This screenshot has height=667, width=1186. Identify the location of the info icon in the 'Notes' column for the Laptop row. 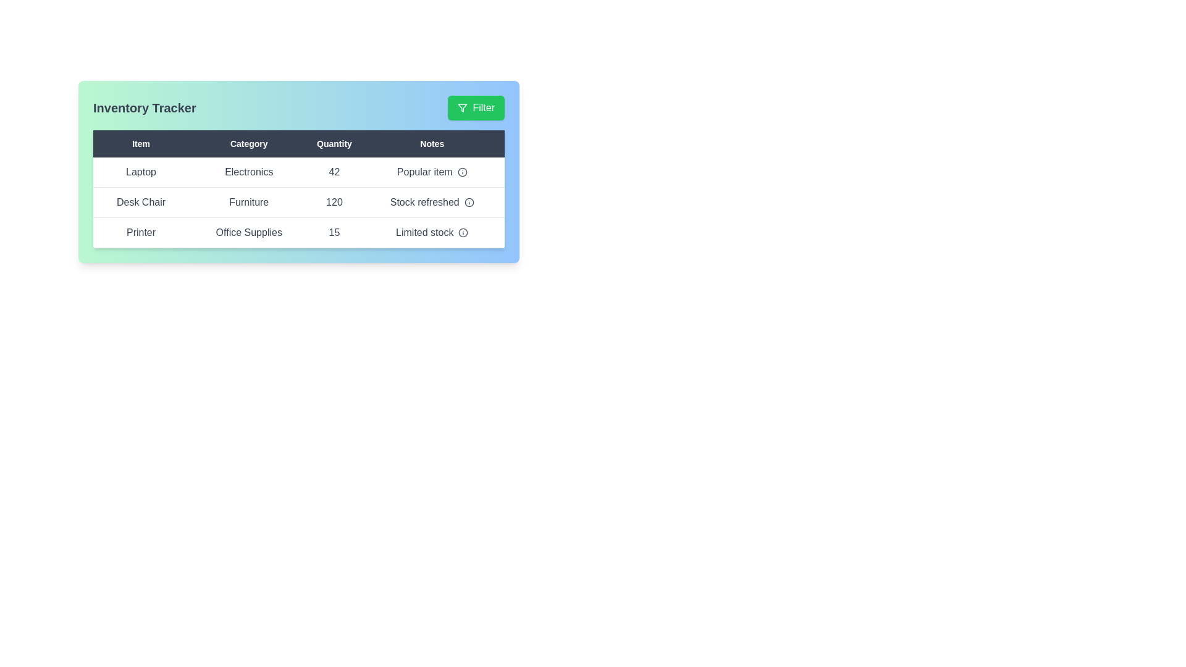
(461, 172).